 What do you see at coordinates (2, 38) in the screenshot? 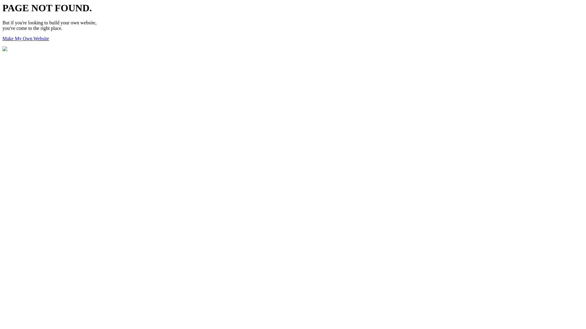
I see `'Make My Own Website'` at bounding box center [2, 38].